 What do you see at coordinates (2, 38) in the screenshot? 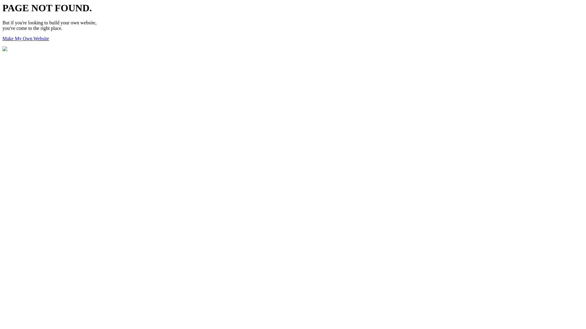
I see `'Make My Own Website'` at bounding box center [2, 38].